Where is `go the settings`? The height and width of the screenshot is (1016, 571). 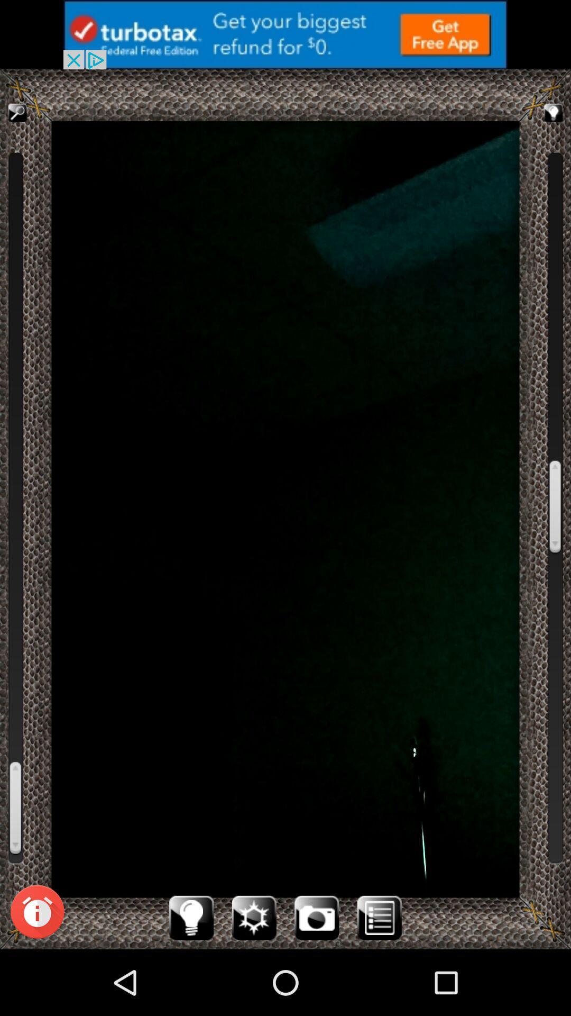
go the settings is located at coordinates (254, 917).